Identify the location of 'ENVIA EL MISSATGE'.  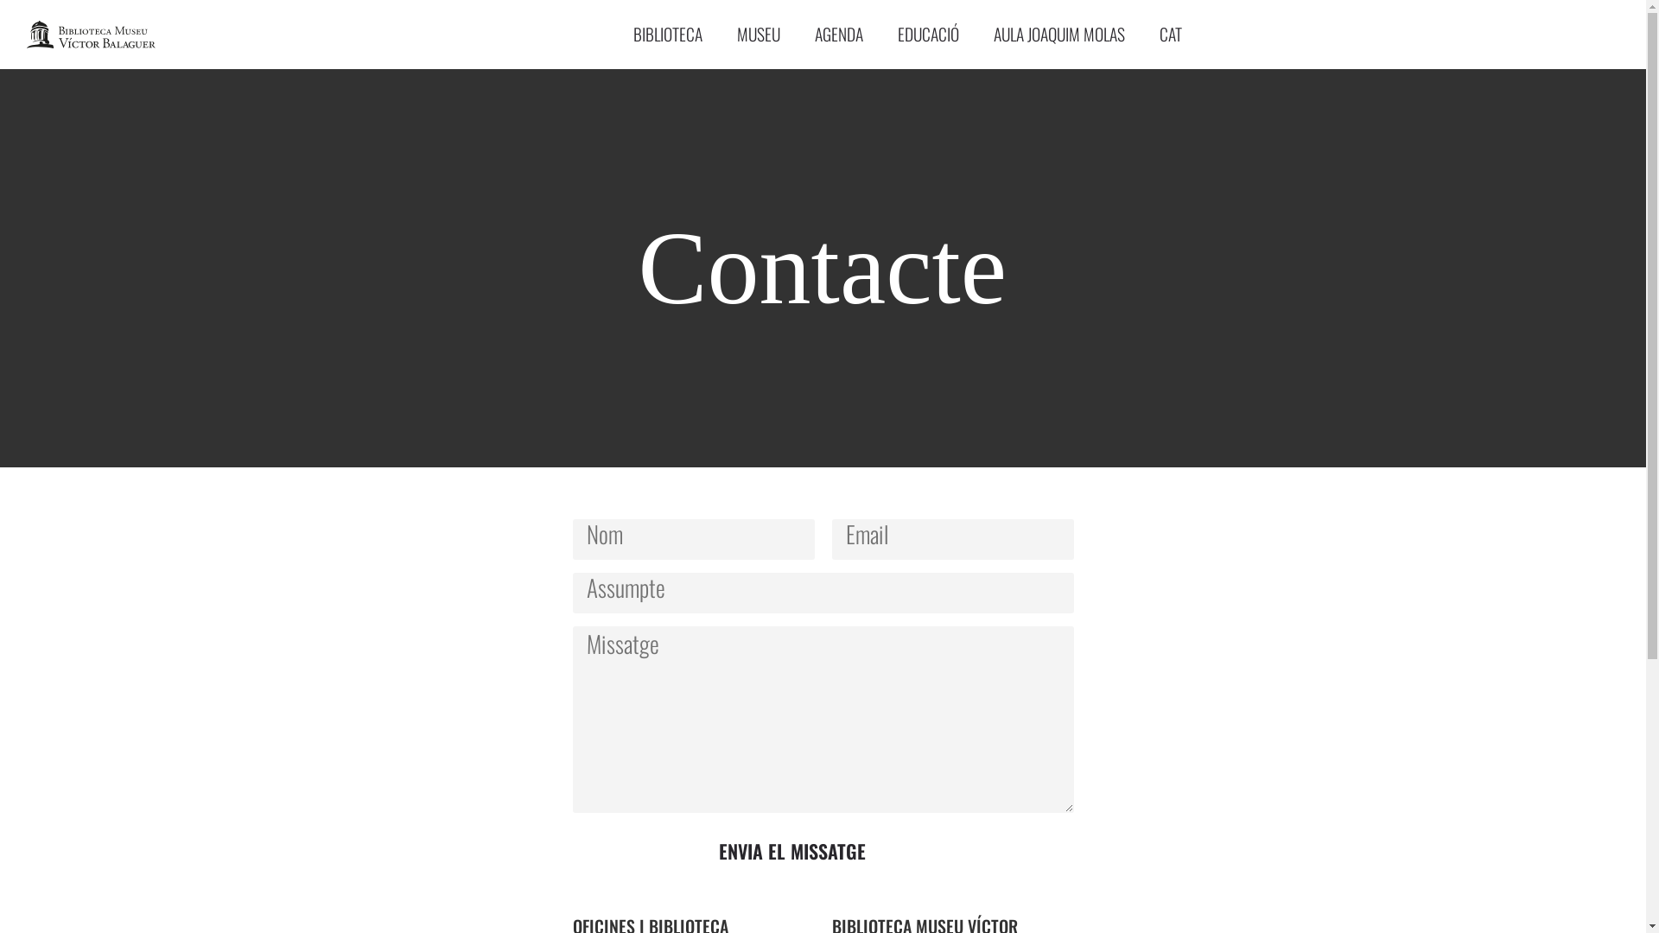
(791, 850).